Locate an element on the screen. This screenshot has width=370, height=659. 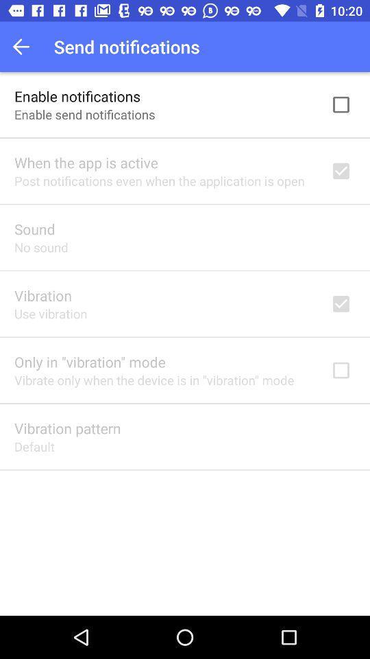
the item to the left of send notifications is located at coordinates (25, 47).